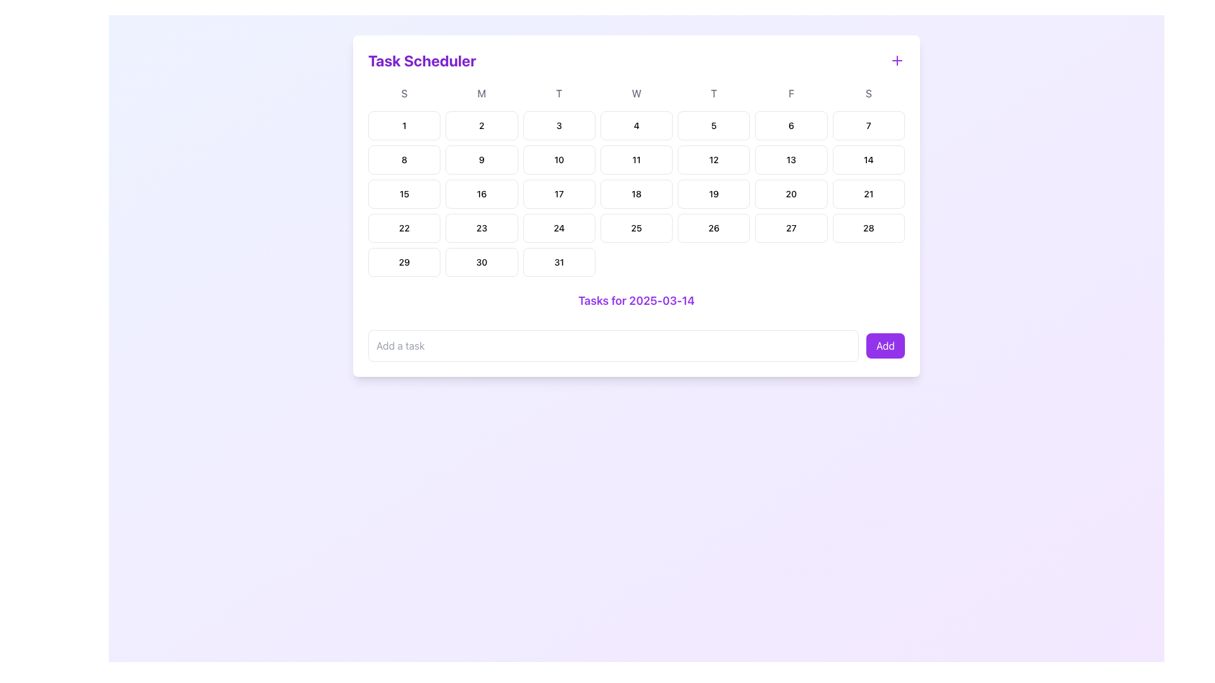  I want to click on the static label representing 'Thursday' in the week view grid, which is the fifth item from the left, so click(714, 92).